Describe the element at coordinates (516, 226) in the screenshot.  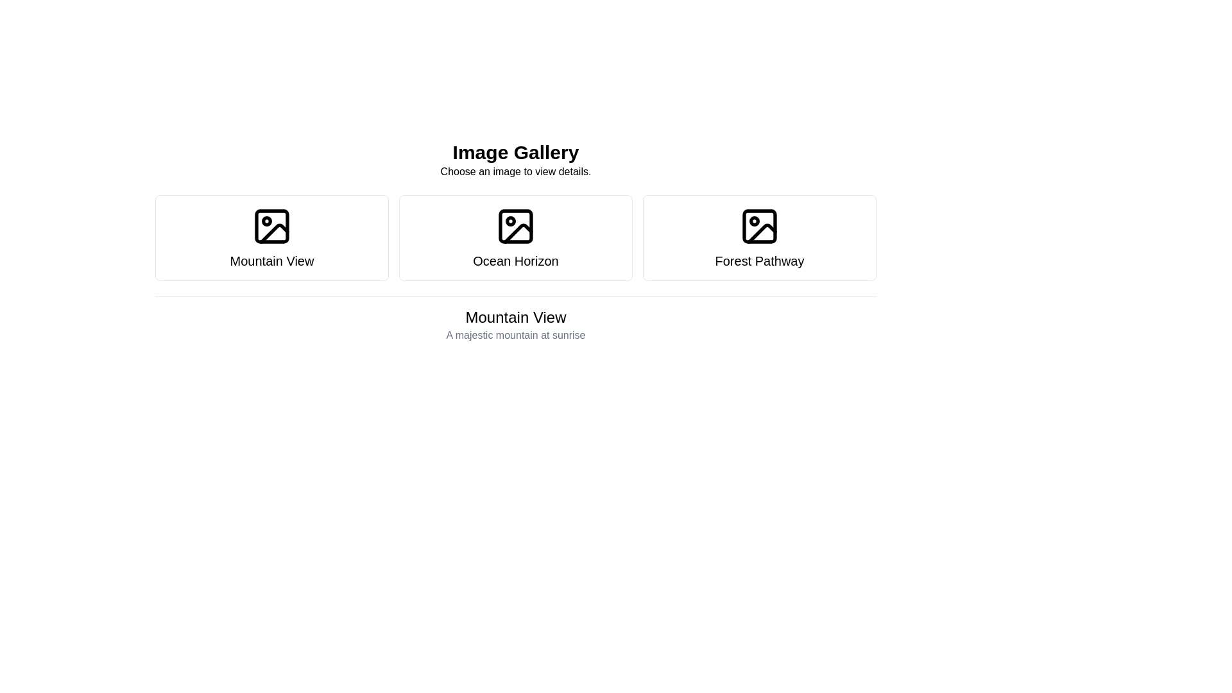
I see `the SVG representation icon of an image placeholder located in the center card of the three-card layout, directly under the 'Image Gallery' header and above the 'Ocean Horizon' text` at that location.